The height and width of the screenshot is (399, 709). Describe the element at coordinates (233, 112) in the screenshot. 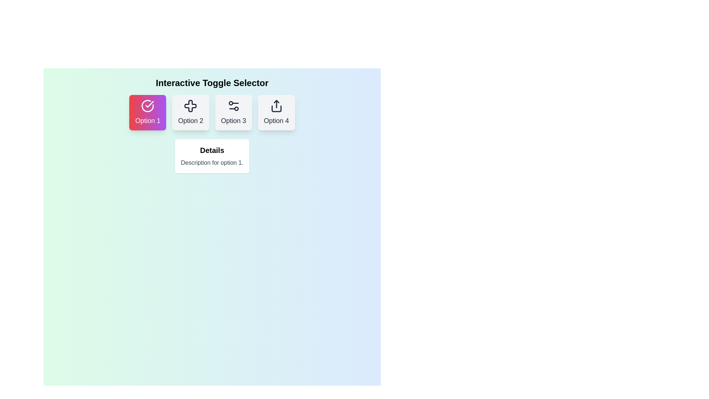

I see `the button corresponding to Option 3 to display its description` at that location.